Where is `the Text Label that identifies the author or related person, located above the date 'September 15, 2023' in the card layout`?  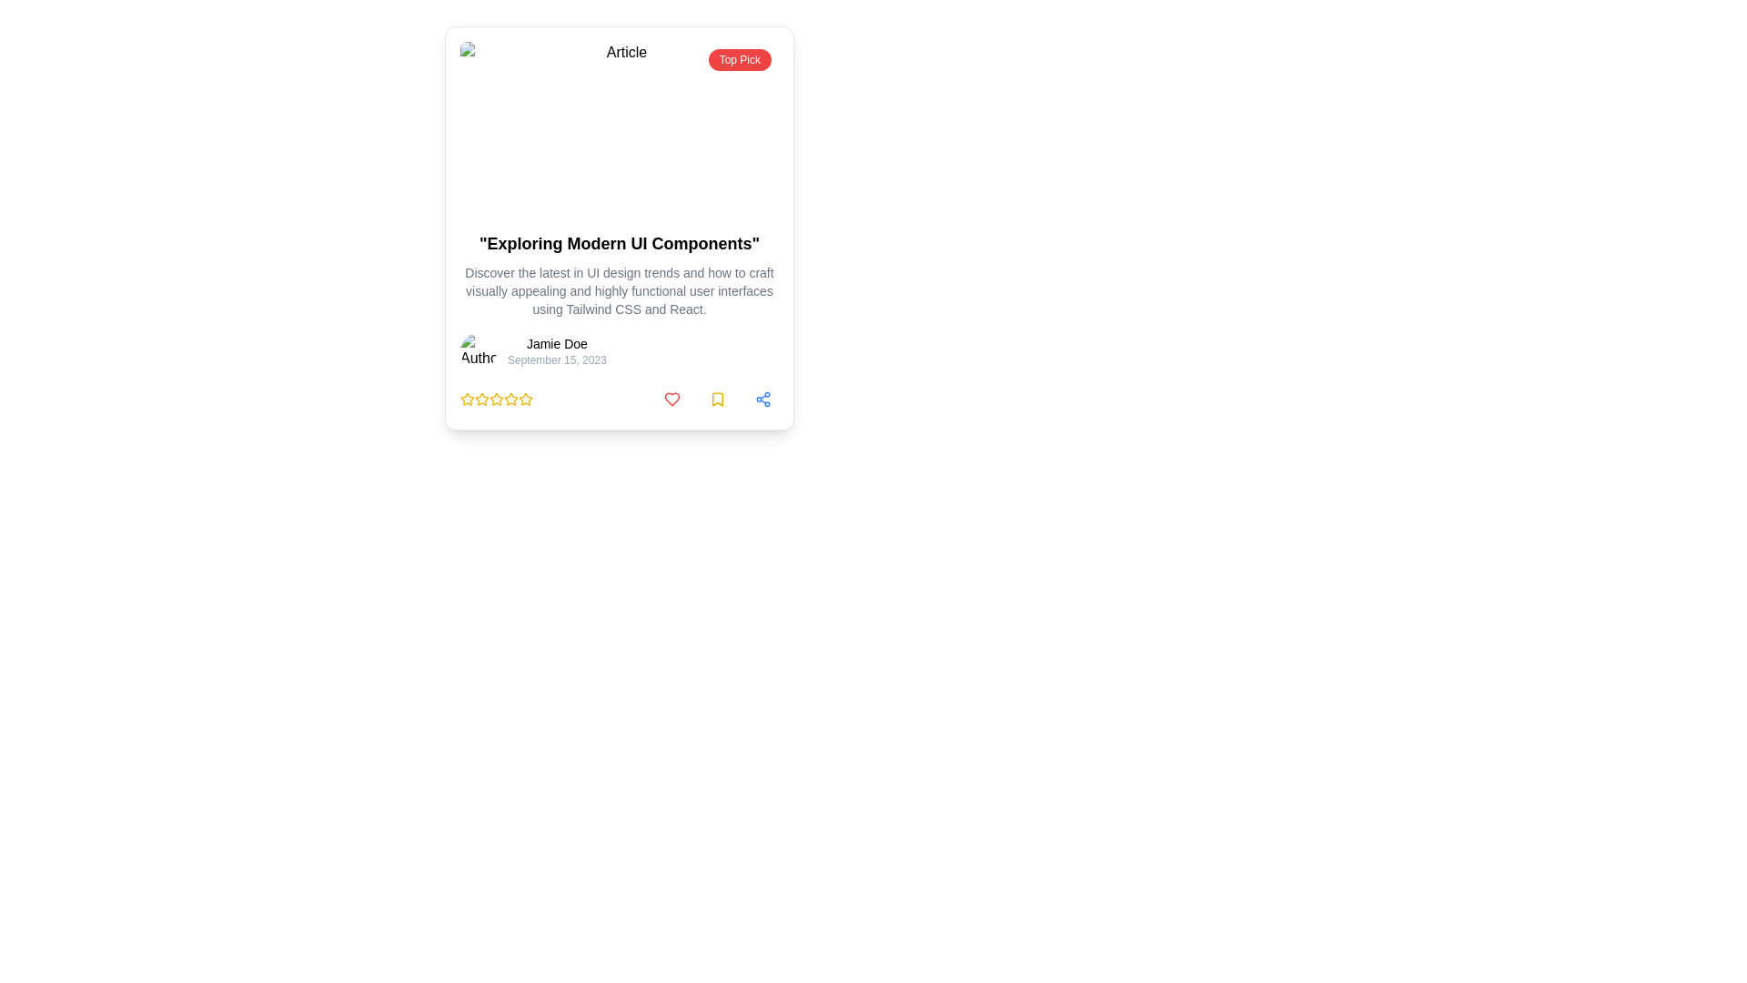
the Text Label that identifies the author or related person, located above the date 'September 15, 2023' in the card layout is located at coordinates (556, 344).